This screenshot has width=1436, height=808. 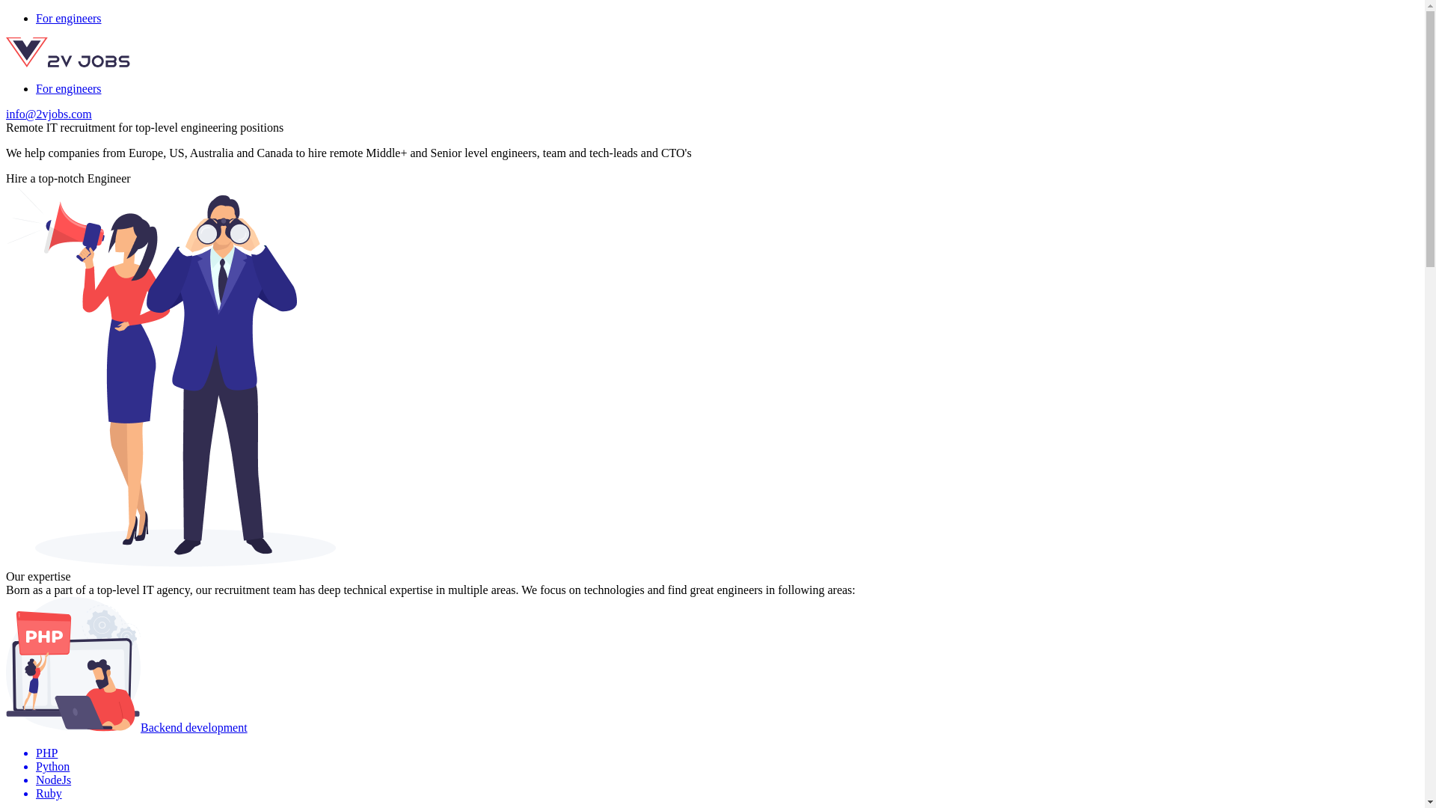 I want to click on 'For engineers', so click(x=67, y=88).